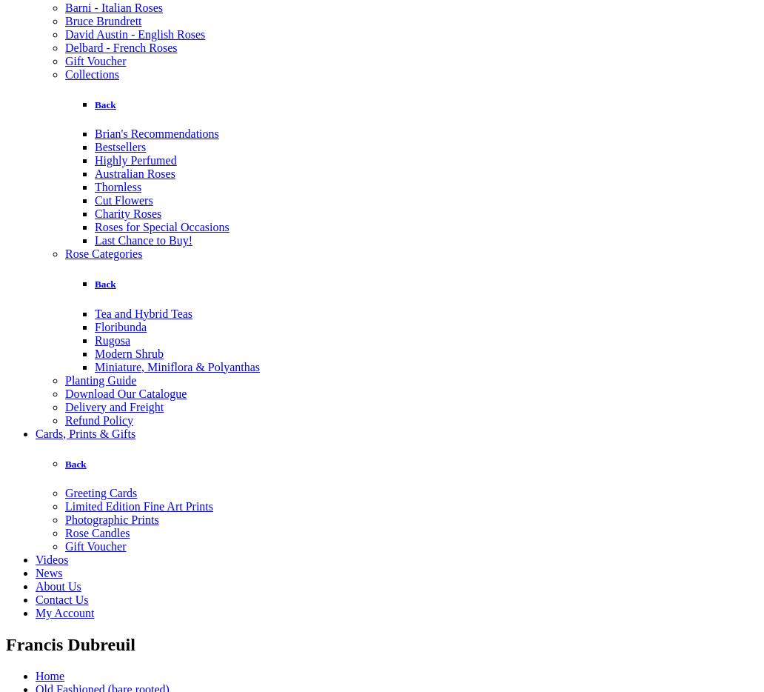 This screenshot has width=764, height=692. I want to click on 'Greeting Cards', so click(65, 491).